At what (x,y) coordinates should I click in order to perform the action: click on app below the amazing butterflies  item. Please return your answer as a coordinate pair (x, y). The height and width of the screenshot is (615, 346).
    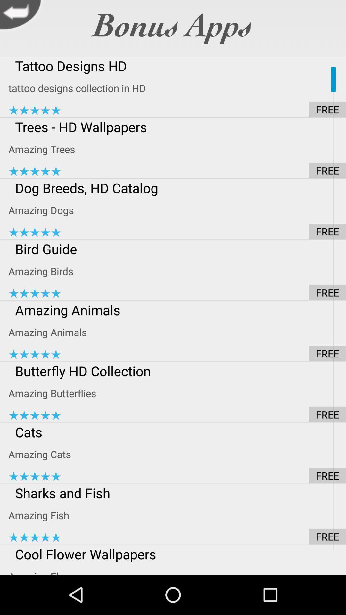
    Looking at the image, I should click on (177, 414).